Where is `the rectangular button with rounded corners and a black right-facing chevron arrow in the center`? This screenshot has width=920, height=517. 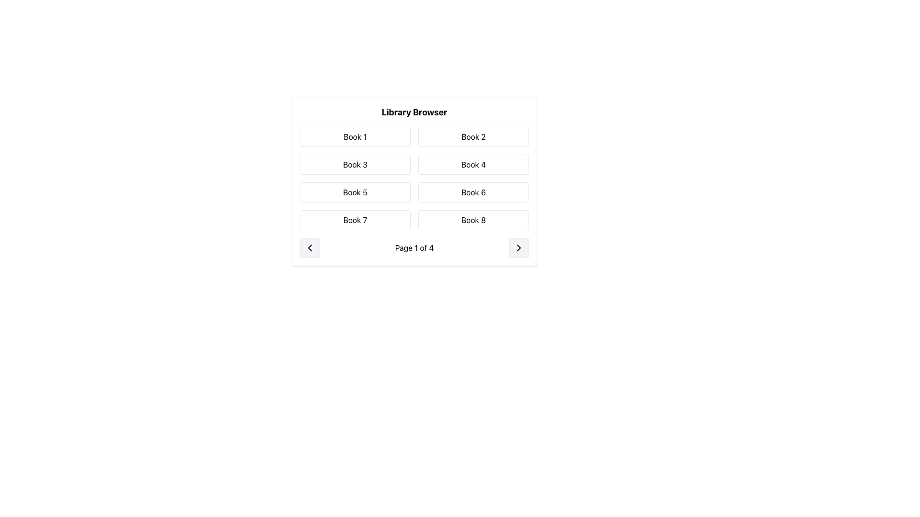 the rectangular button with rounded corners and a black right-facing chevron arrow in the center is located at coordinates (518, 247).